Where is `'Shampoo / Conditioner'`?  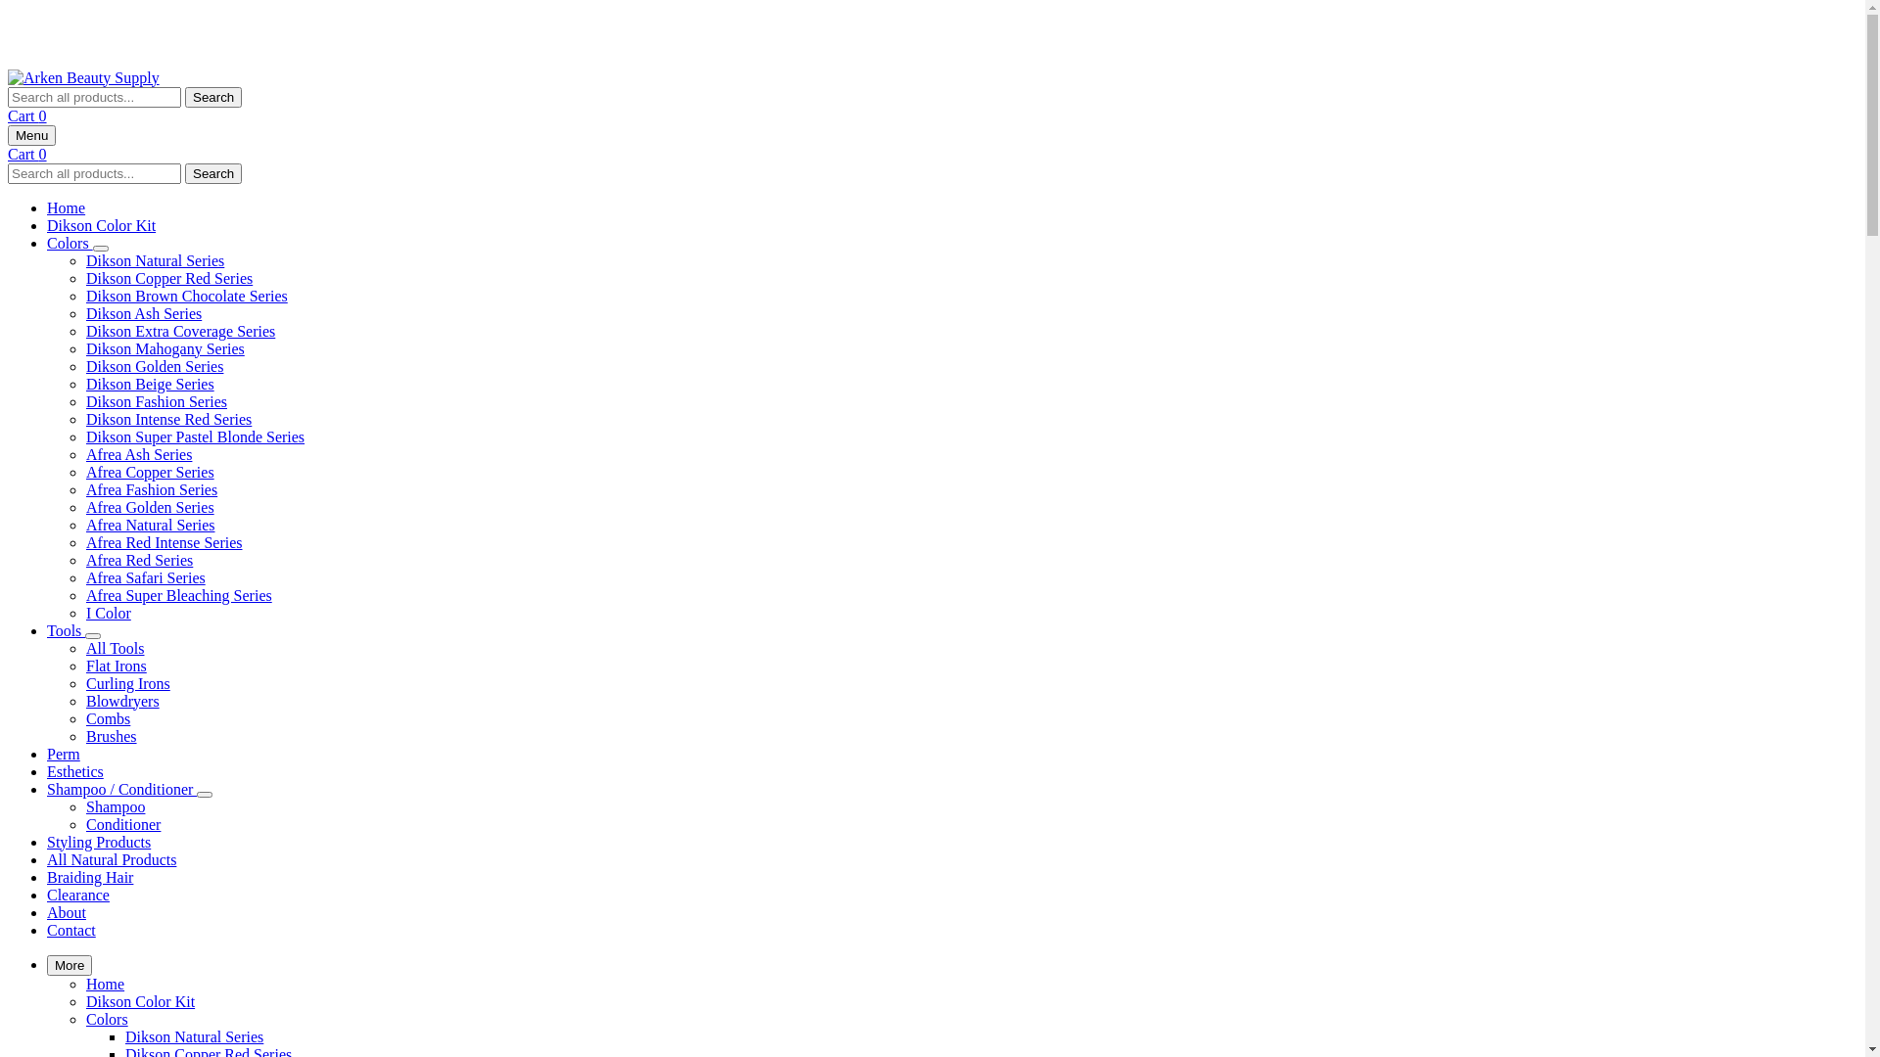 'Shampoo / Conditioner' is located at coordinates (47, 788).